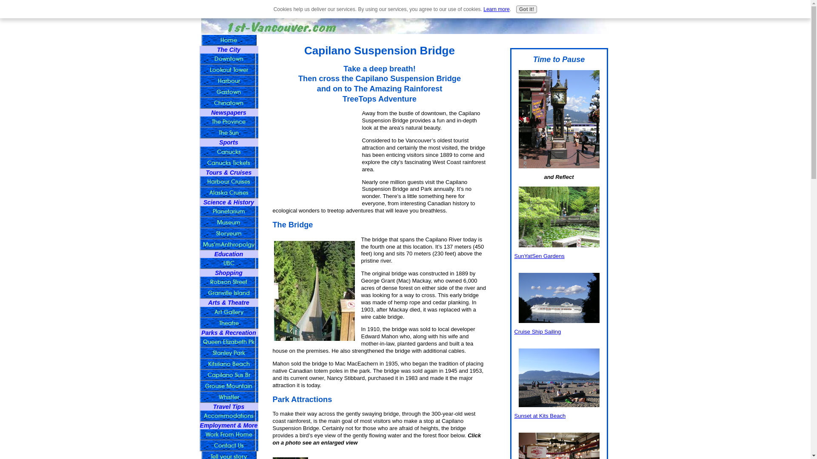  What do you see at coordinates (198, 293) in the screenshot?
I see `'Granville Island'` at bounding box center [198, 293].